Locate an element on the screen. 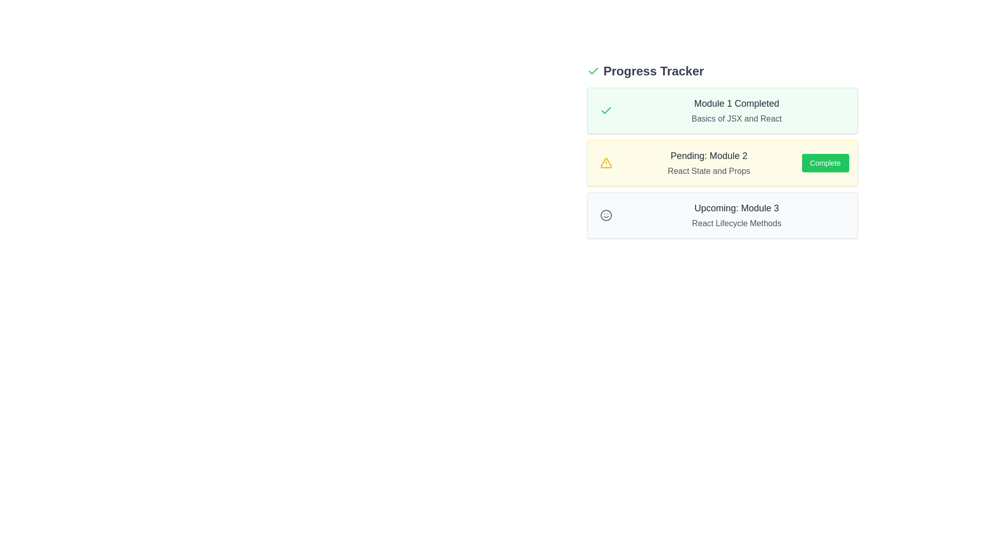  descriptive text label located at the bottom of the 'Pending: Module 2' section, which provides information about its content is located at coordinates (708, 171).